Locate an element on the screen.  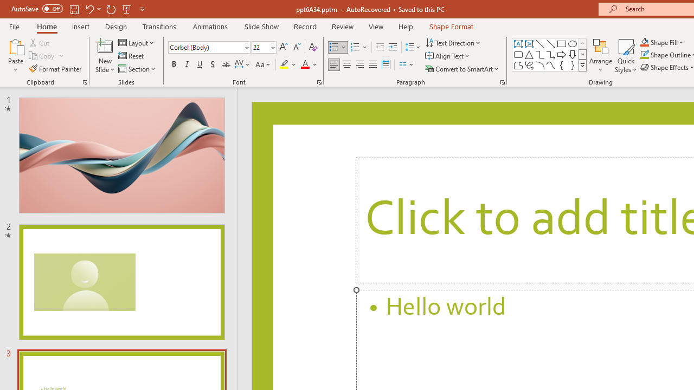
'Shape Fill Red, Accent 2' is located at coordinates (645, 42).